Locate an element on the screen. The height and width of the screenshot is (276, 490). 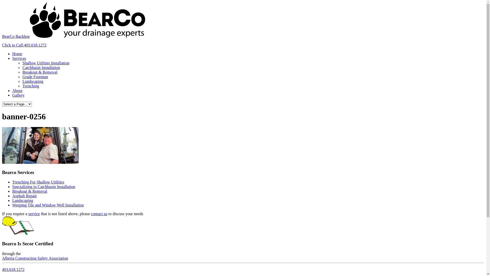
'BearCo Backhoe' is located at coordinates (2, 36).